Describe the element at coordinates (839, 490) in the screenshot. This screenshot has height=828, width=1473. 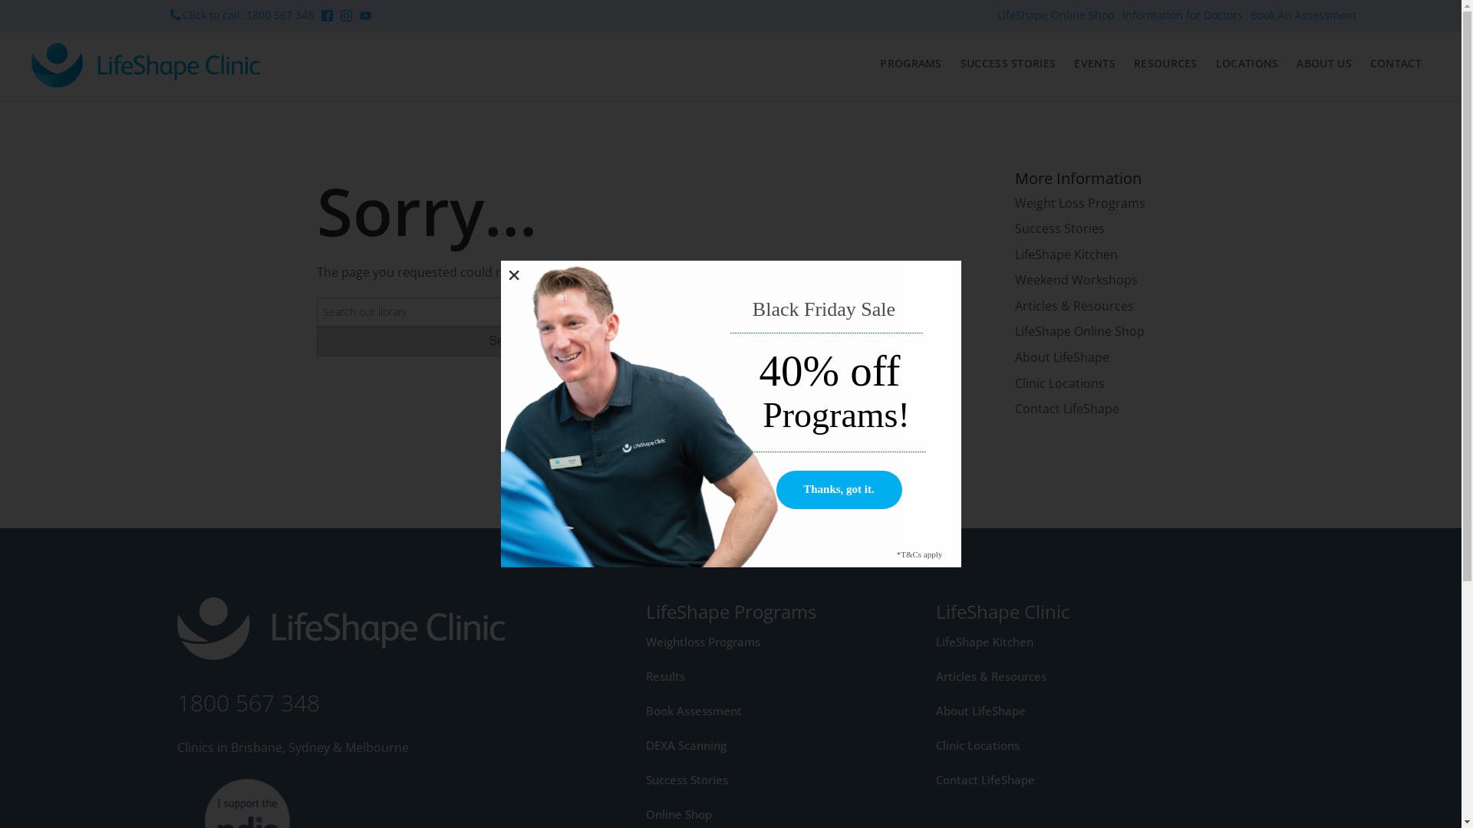
I see `'Thanks, got it.'` at that location.